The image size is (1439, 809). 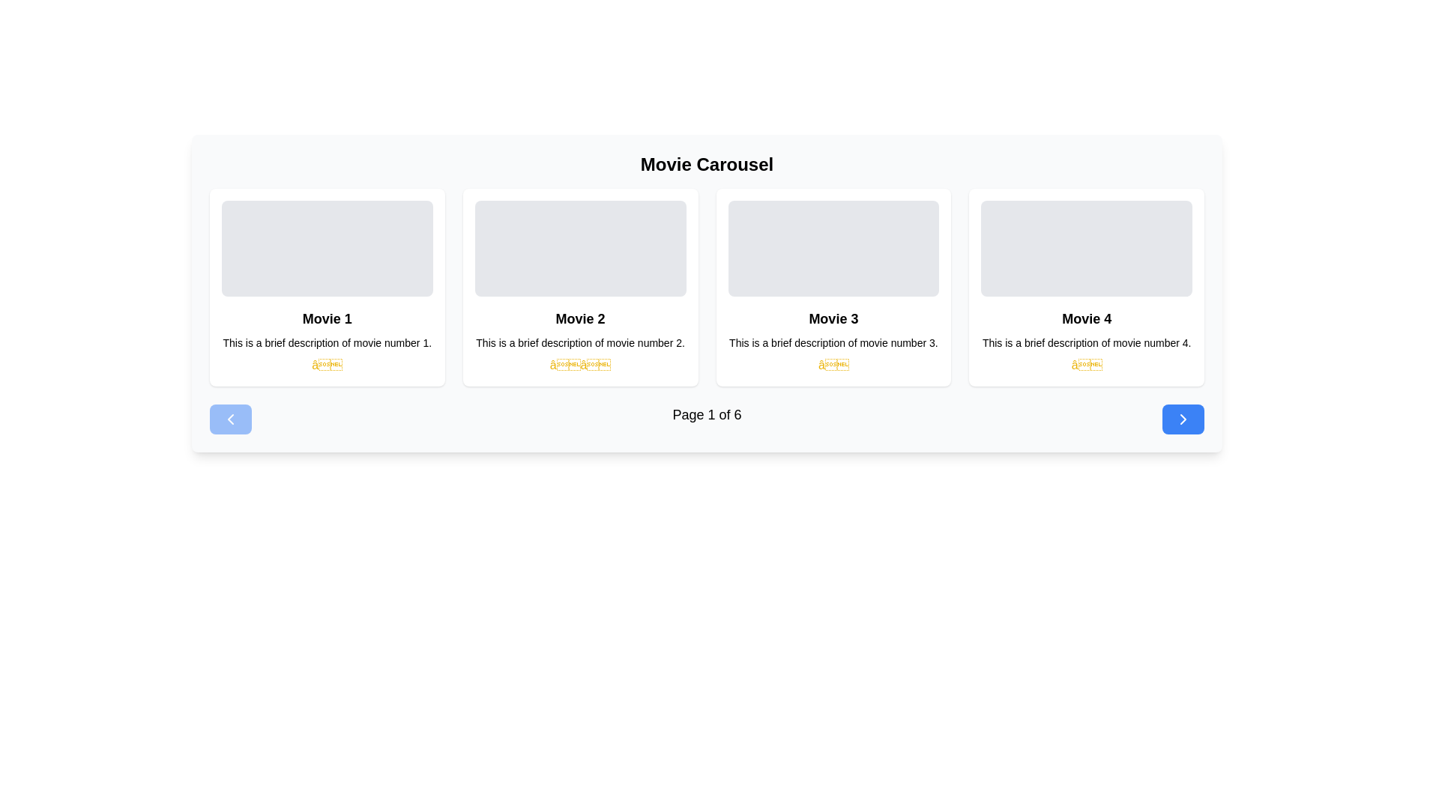 What do you see at coordinates (326, 318) in the screenshot?
I see `the text label that serves as the title of the movie, located below the image placeholder in the movie information card` at bounding box center [326, 318].